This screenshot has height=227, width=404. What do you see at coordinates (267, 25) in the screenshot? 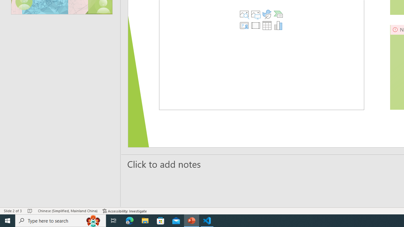
I see `'Insert Table'` at bounding box center [267, 25].